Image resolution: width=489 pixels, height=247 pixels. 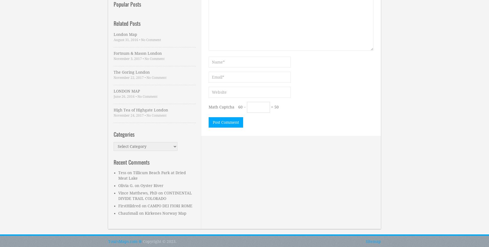 What do you see at coordinates (137, 53) in the screenshot?
I see `'Fortnum & Mason London'` at bounding box center [137, 53].